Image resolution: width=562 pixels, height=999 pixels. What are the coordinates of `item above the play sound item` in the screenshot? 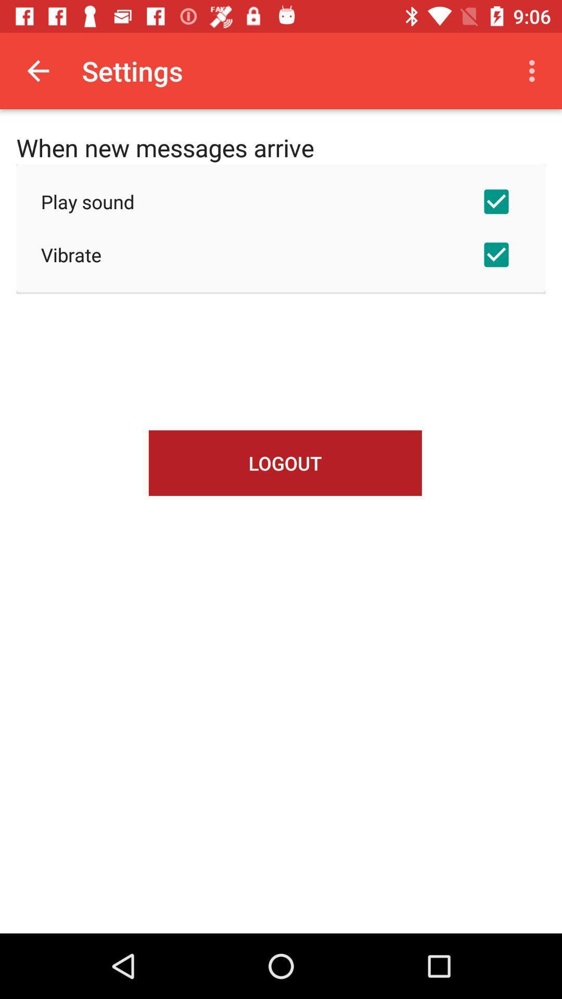 It's located at (534, 70).